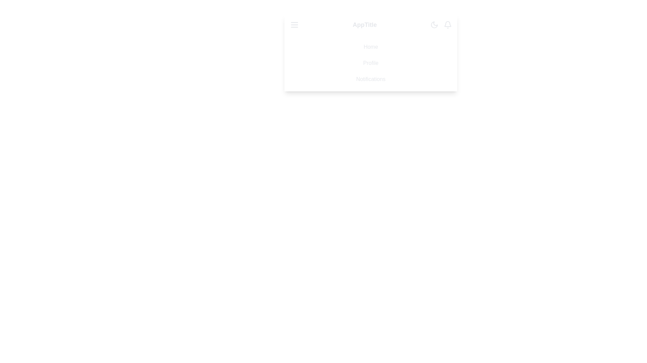 This screenshot has height=363, width=647. What do you see at coordinates (370, 63) in the screenshot?
I see `the menu item Profile to select its text` at bounding box center [370, 63].